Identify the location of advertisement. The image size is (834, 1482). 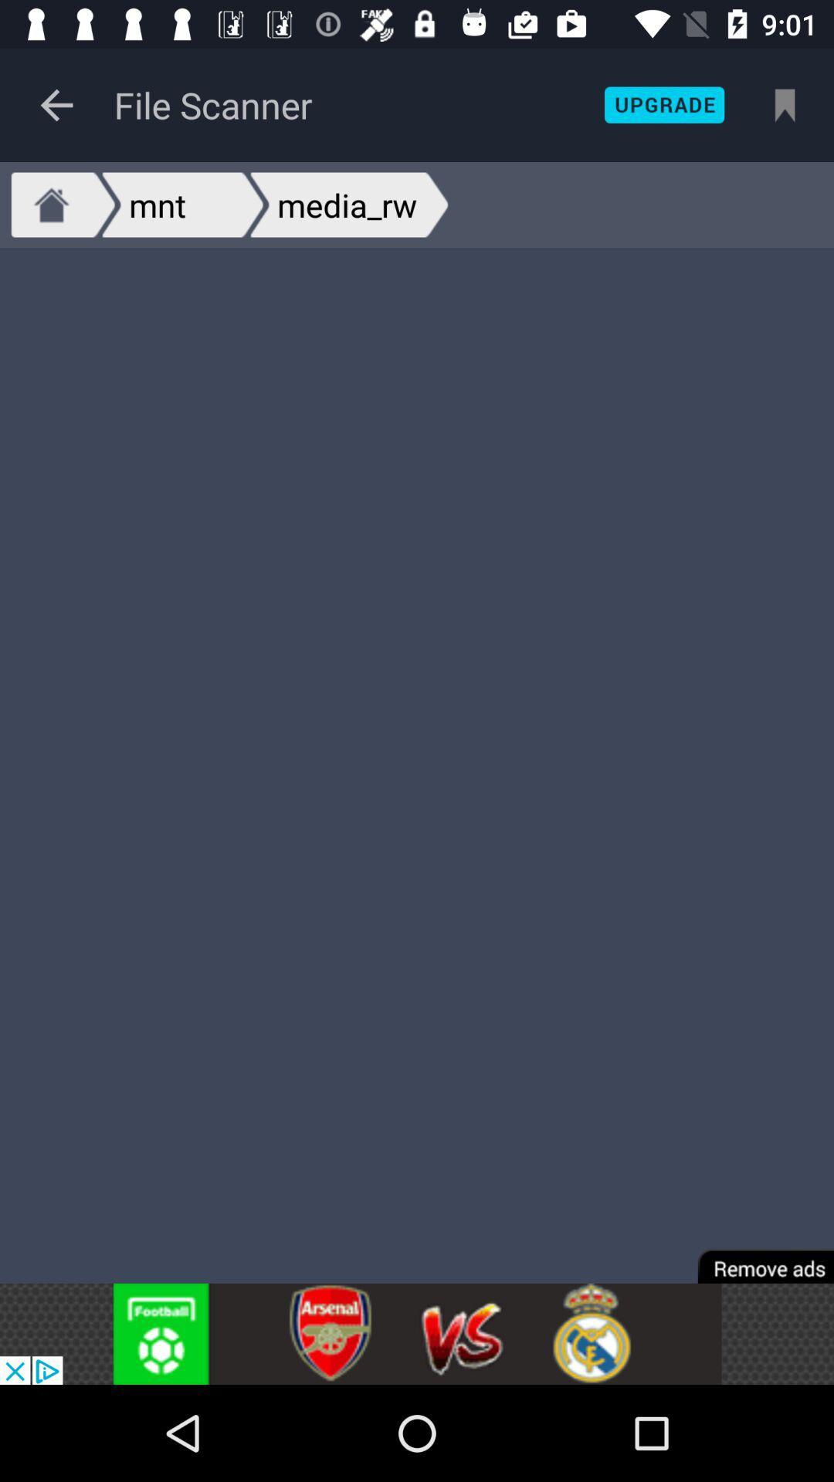
(417, 1333).